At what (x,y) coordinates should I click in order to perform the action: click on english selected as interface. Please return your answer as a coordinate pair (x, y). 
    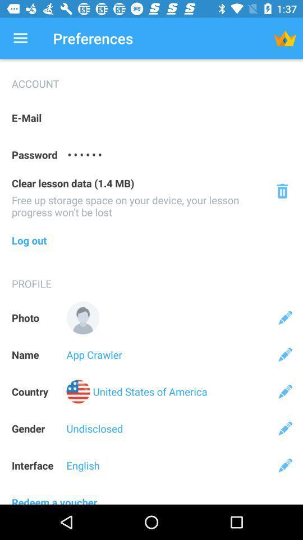
    Looking at the image, I should click on (285, 465).